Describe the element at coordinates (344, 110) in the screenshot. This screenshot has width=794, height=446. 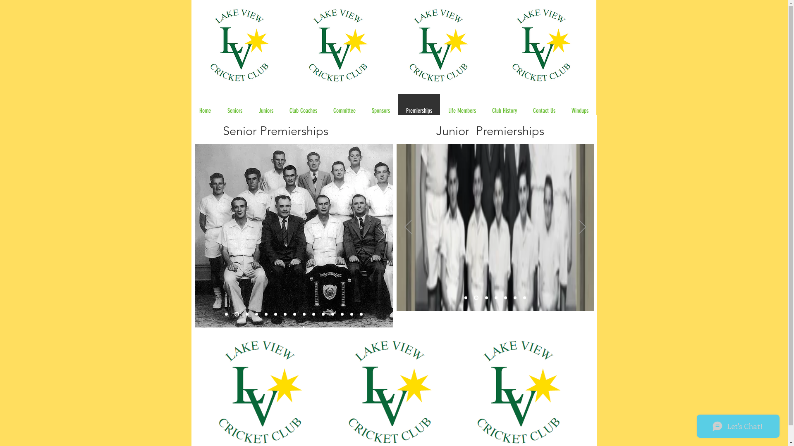
I see `'Committee'` at that location.